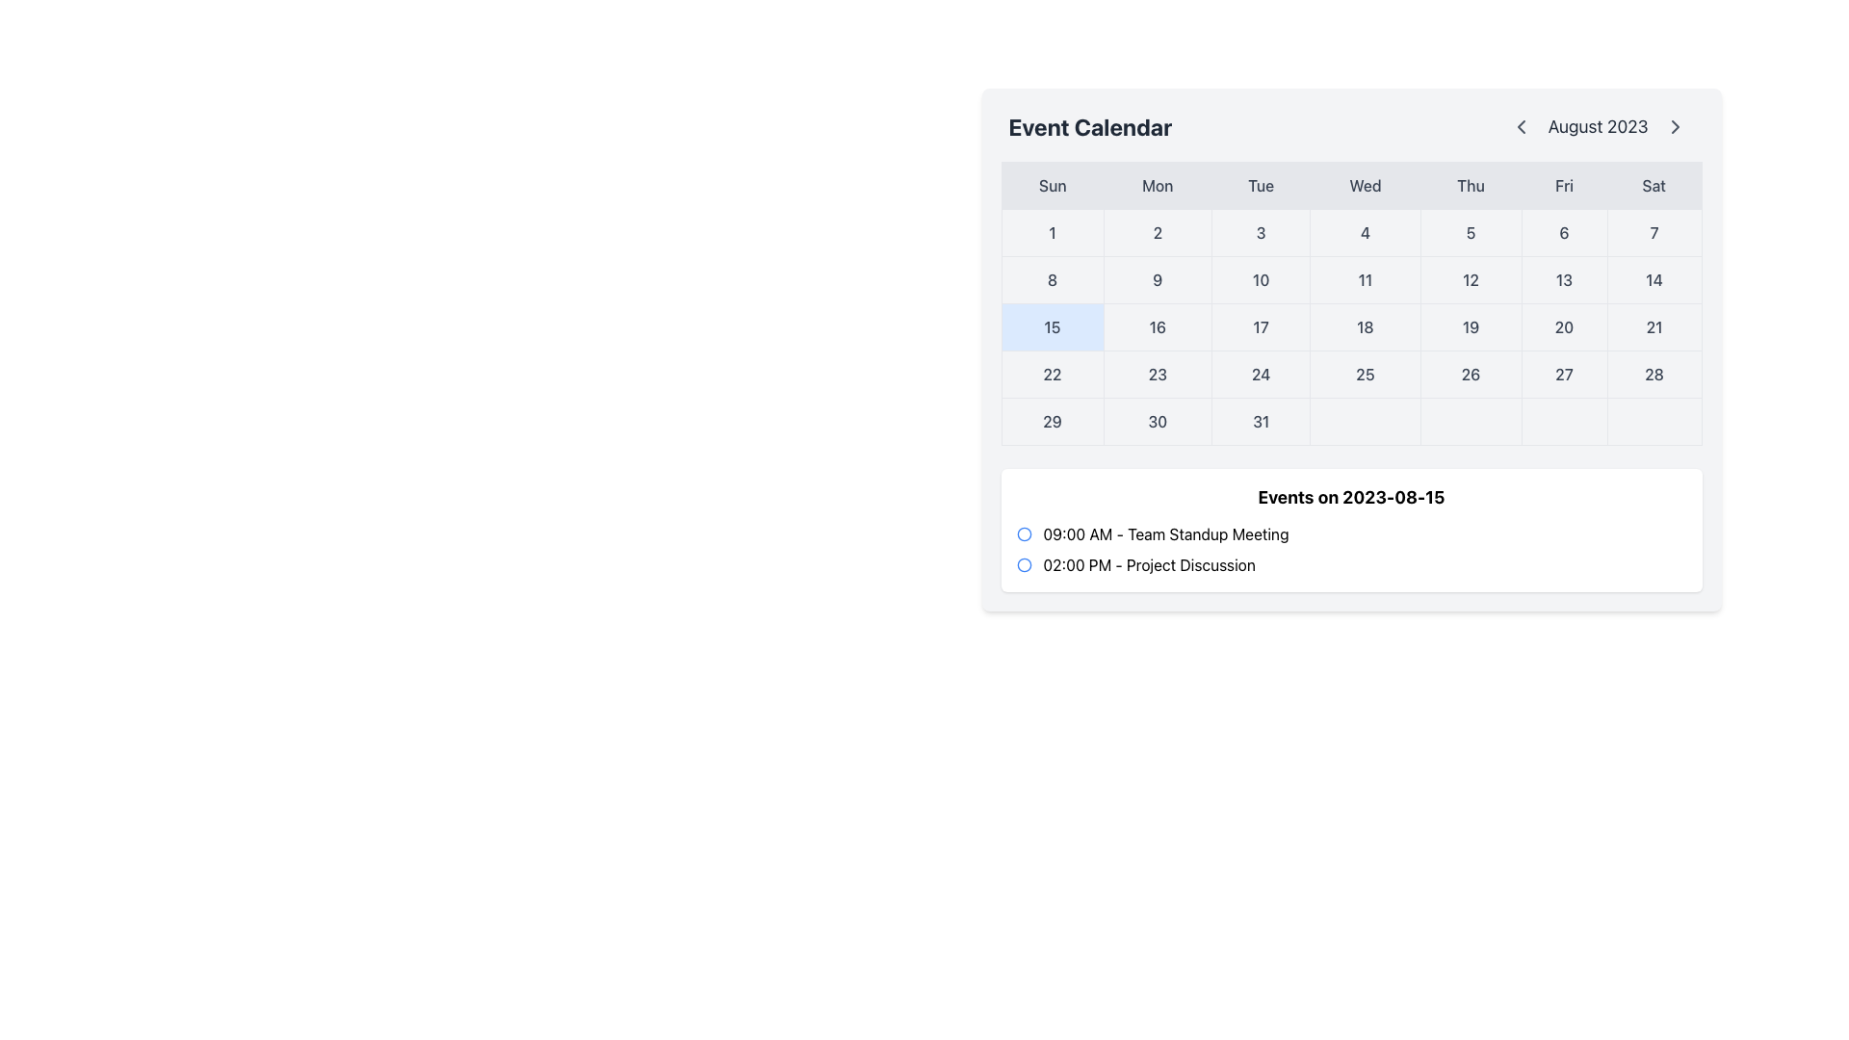 This screenshot has height=1040, width=1849. Describe the element at coordinates (1157, 279) in the screenshot. I see `the Clickable Calendar Date Cell representing the date '9'` at that location.